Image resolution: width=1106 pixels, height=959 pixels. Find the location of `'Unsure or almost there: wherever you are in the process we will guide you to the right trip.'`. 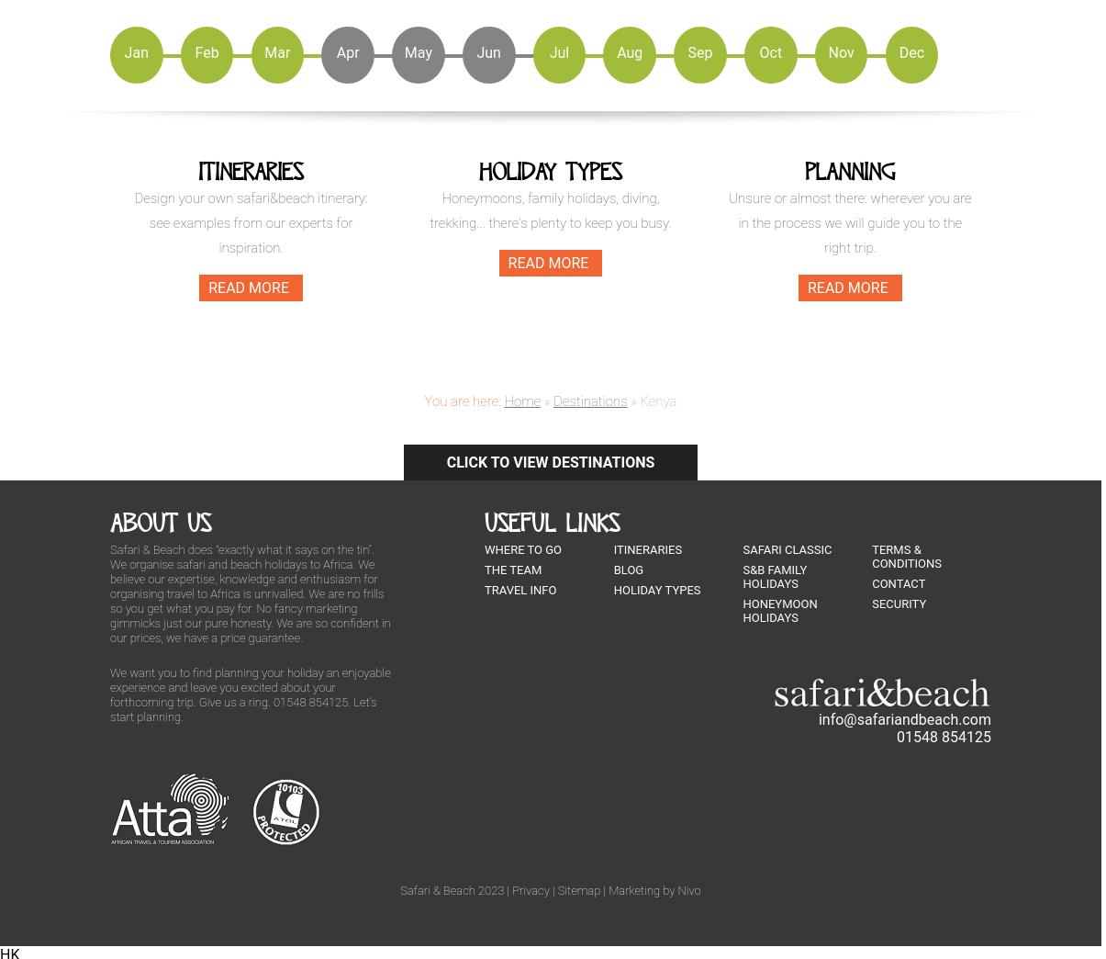

'Unsure or almost there: wherever you are in the process we will guide you to the right trip.' is located at coordinates (850, 221).